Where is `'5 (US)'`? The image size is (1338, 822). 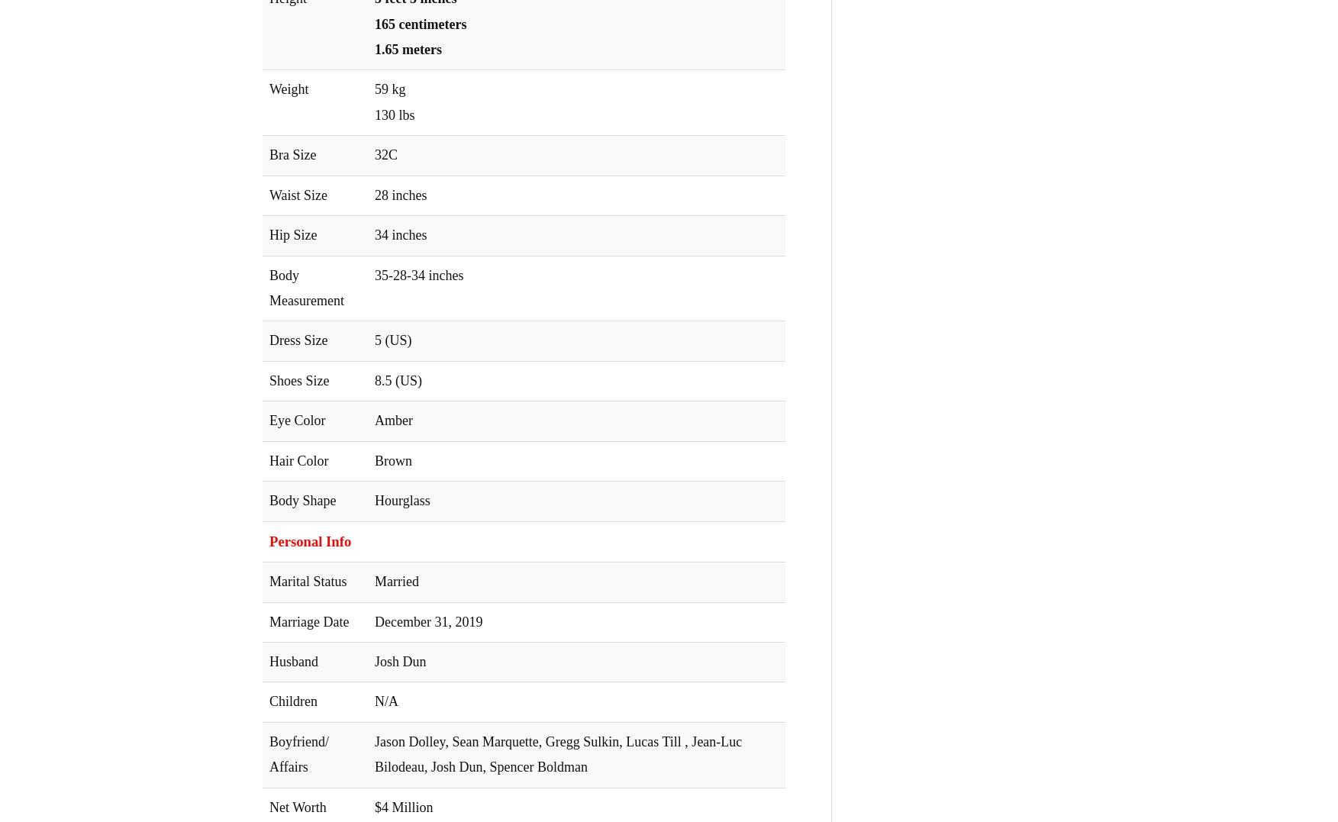 '5 (US)' is located at coordinates (393, 339).